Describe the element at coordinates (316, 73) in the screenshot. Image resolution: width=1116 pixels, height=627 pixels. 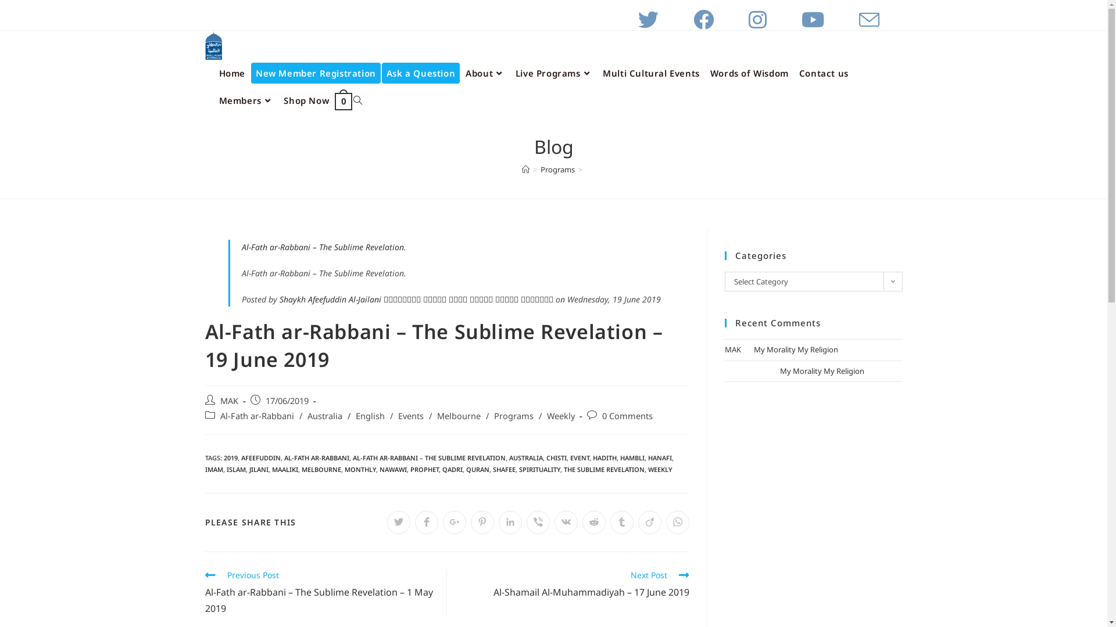
I see `'New Member Registration'` at that location.